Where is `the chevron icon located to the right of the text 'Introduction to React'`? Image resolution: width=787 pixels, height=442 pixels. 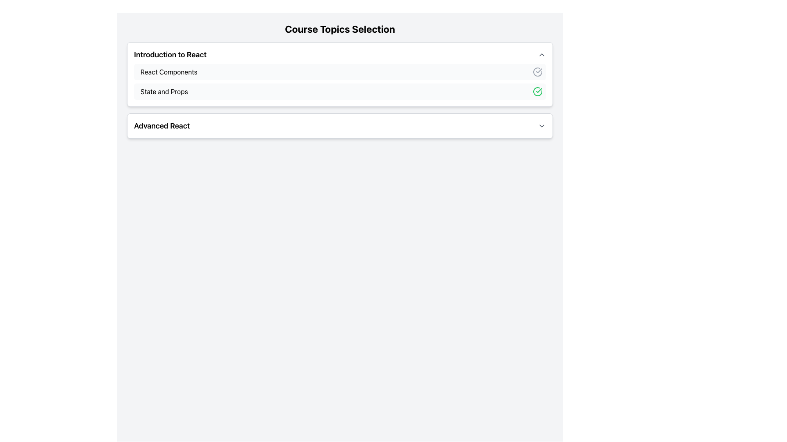
the chevron icon located to the right of the text 'Introduction to React' is located at coordinates (541, 55).